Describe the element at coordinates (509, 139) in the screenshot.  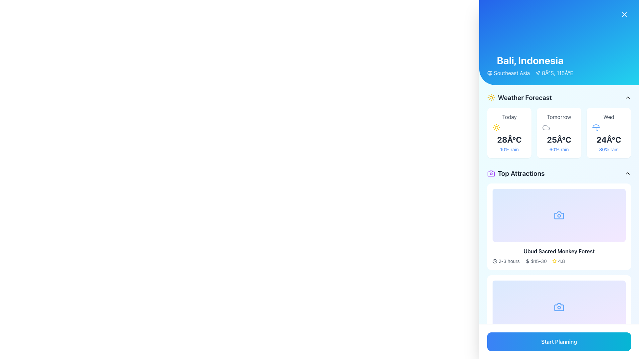
I see `the temperature forecast text label located in the center of the 'Today' card in the weather forecast section` at that location.